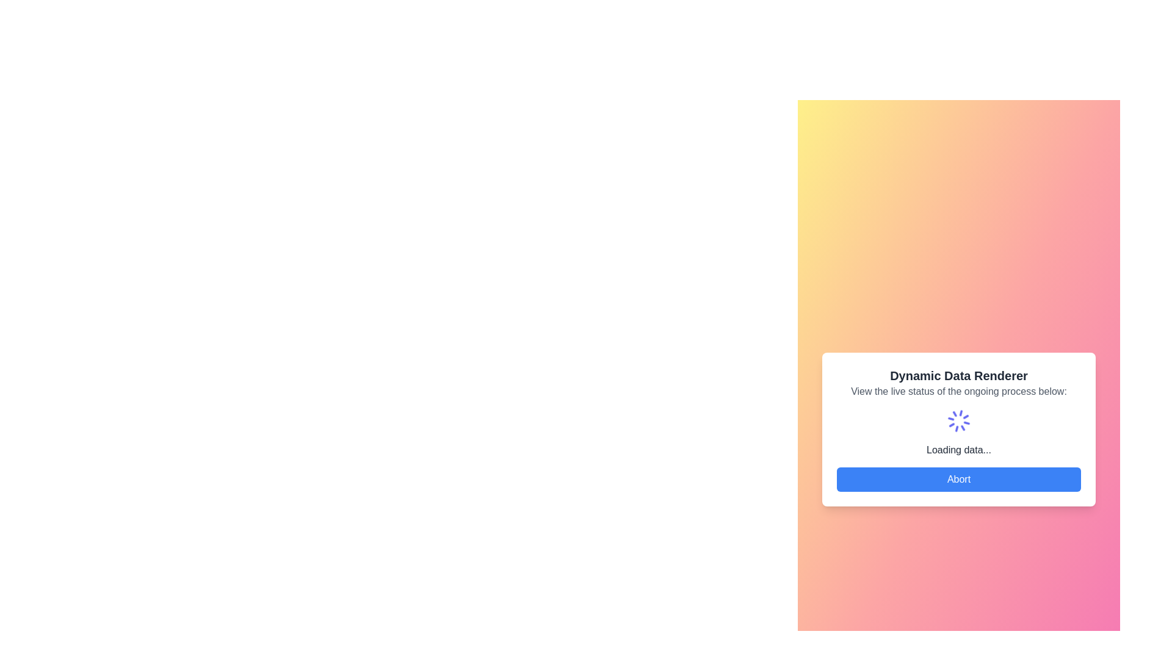 This screenshot has height=659, width=1172. I want to click on the circular, animated spinning loader icon with a purple color theme, located above the text 'Loading data...' in the modal dialog titled 'Dynamic Data Renderer', so click(958, 420).